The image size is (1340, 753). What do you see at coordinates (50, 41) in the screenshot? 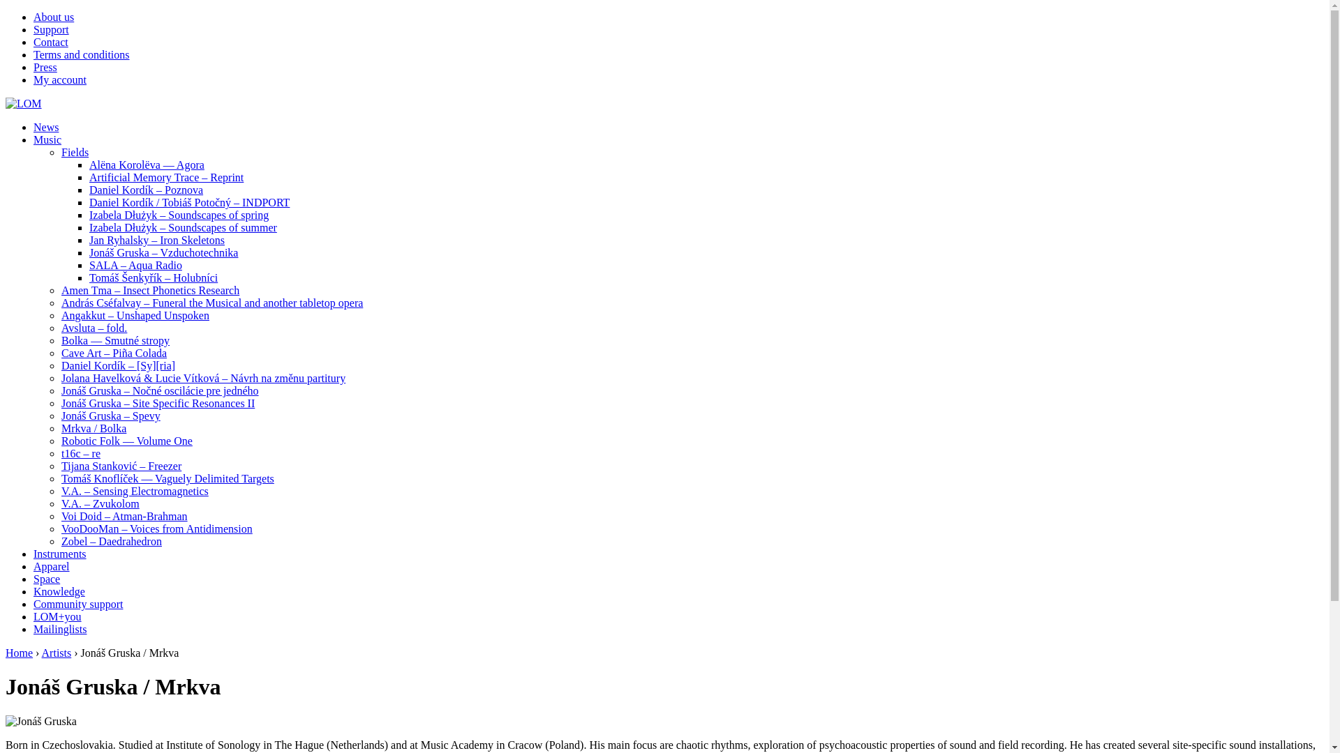
I see `'Contact'` at bounding box center [50, 41].